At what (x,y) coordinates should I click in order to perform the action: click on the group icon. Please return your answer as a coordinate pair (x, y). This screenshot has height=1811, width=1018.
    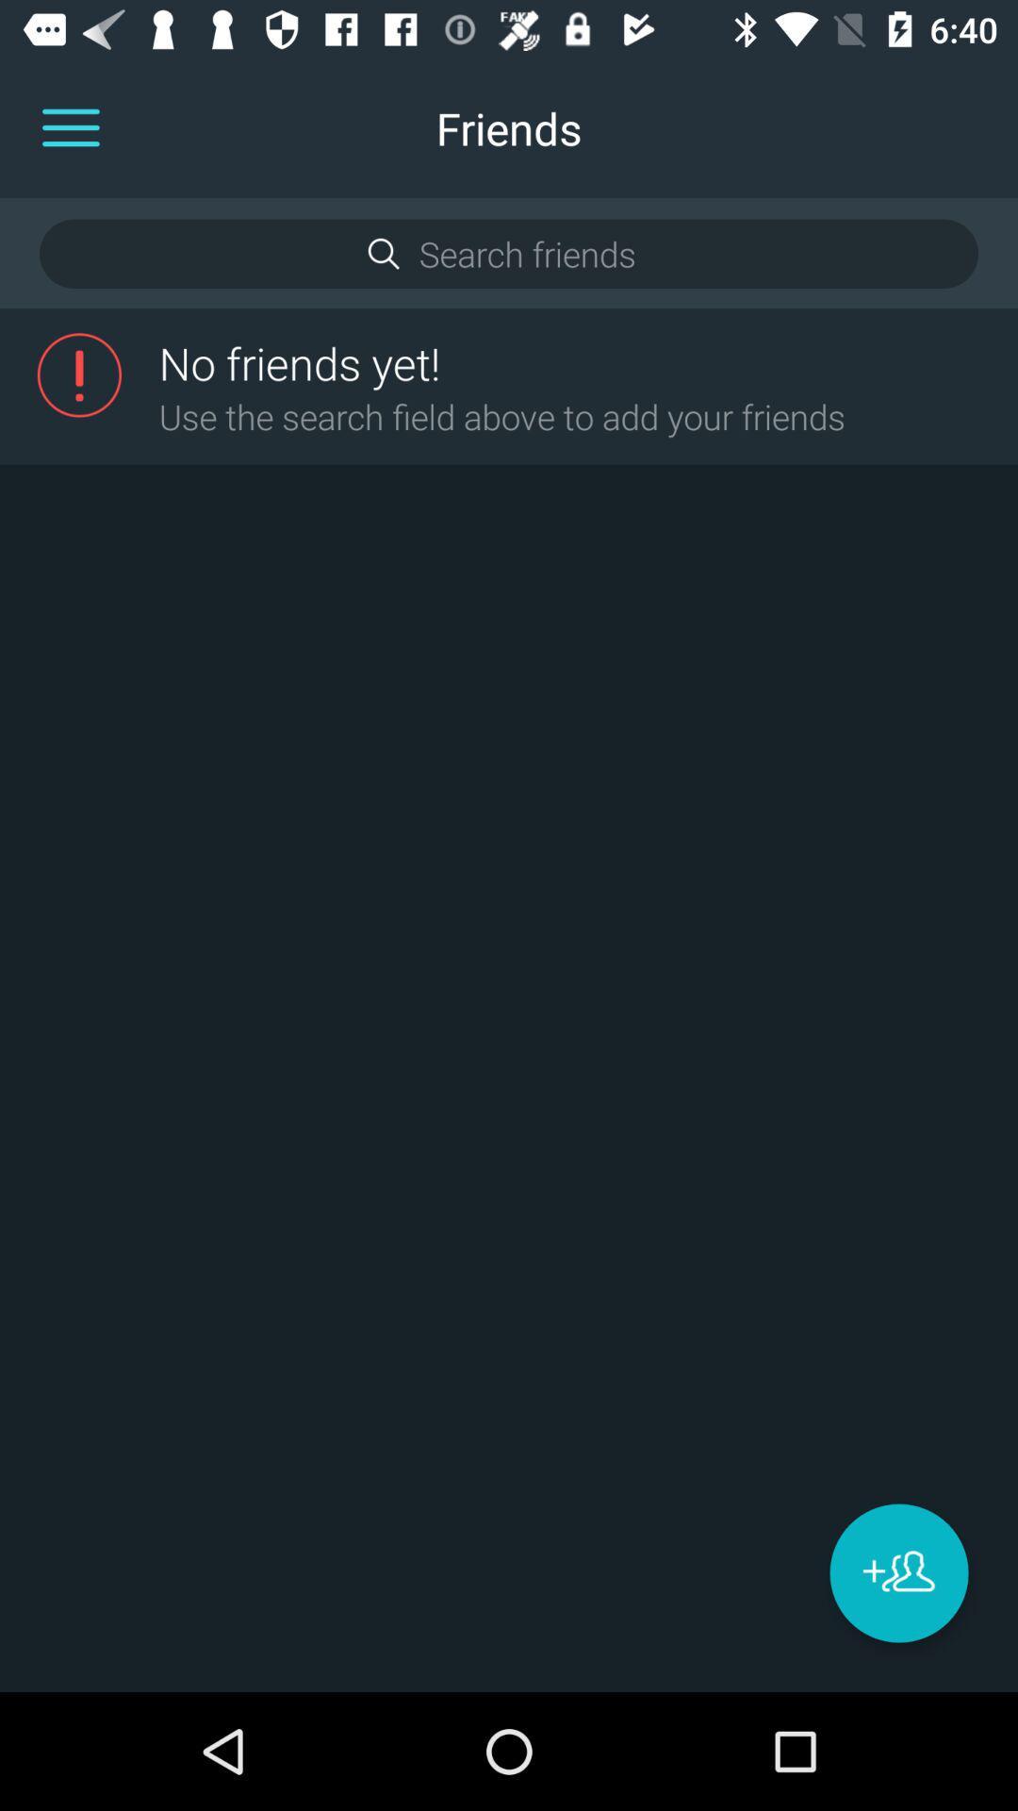
    Looking at the image, I should click on (897, 1572).